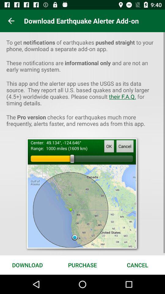 This screenshot has width=165, height=294. What do you see at coordinates (137, 265) in the screenshot?
I see `the item at the bottom right corner` at bounding box center [137, 265].